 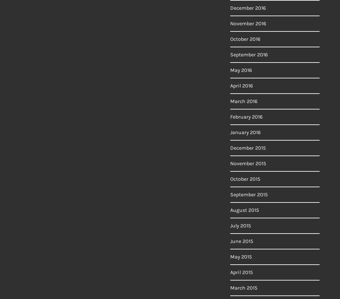 I want to click on 'May 2015', so click(x=241, y=256).